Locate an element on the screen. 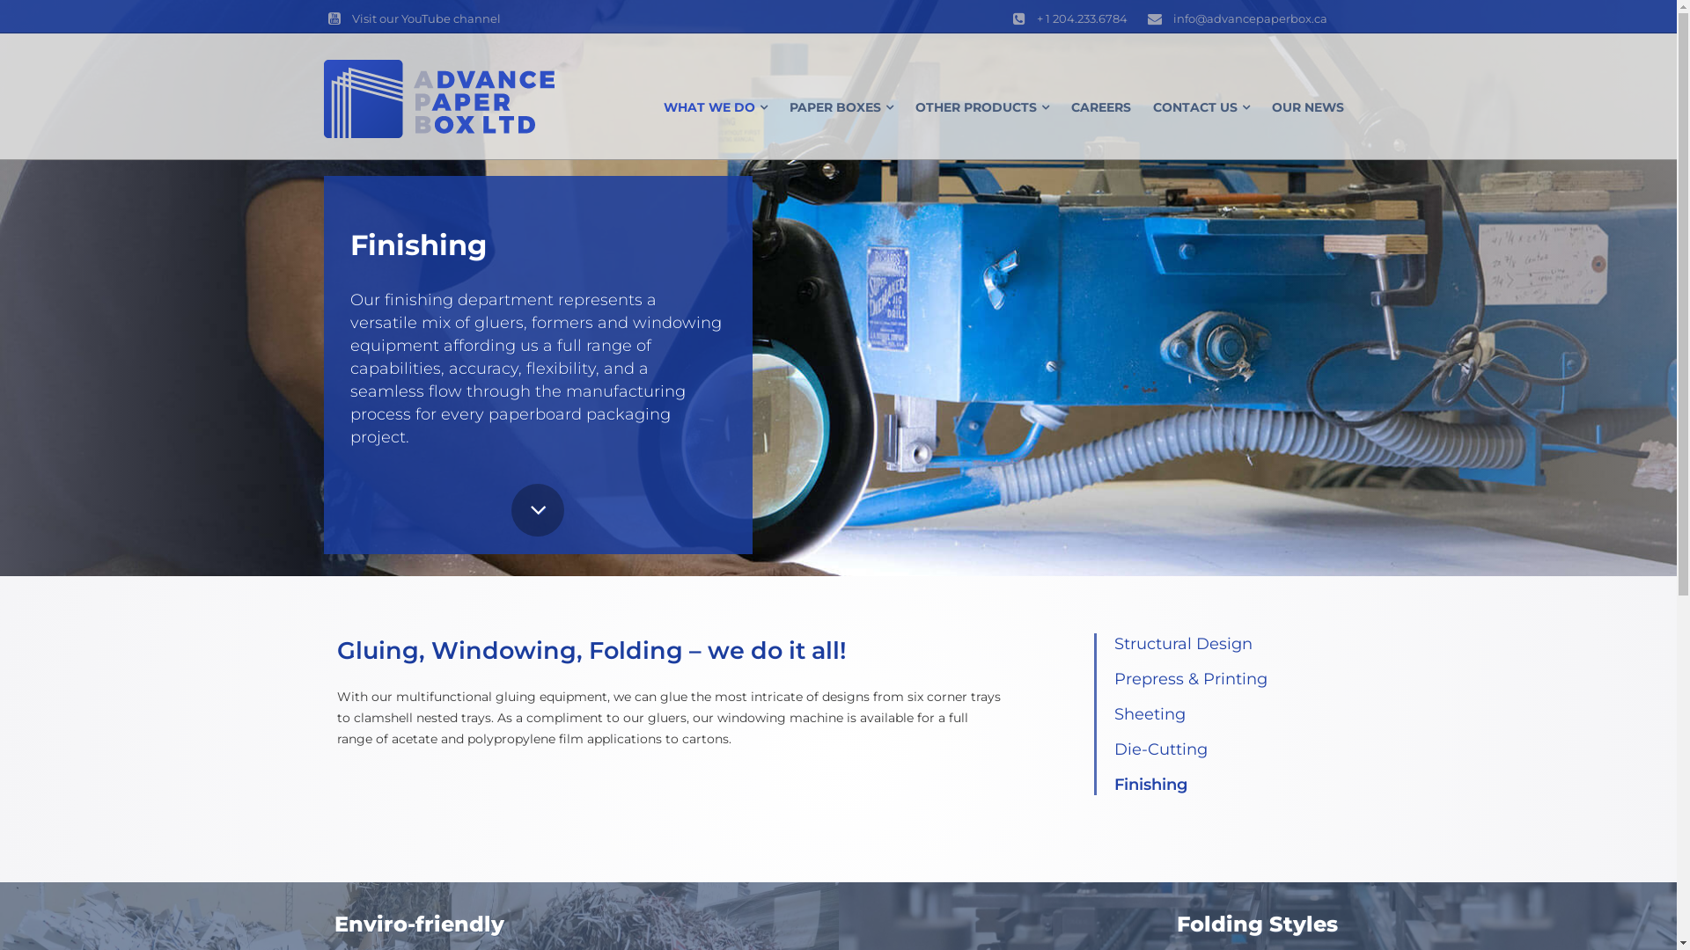 The width and height of the screenshot is (1690, 950). 'CAREERS' is located at coordinates (1098, 107).